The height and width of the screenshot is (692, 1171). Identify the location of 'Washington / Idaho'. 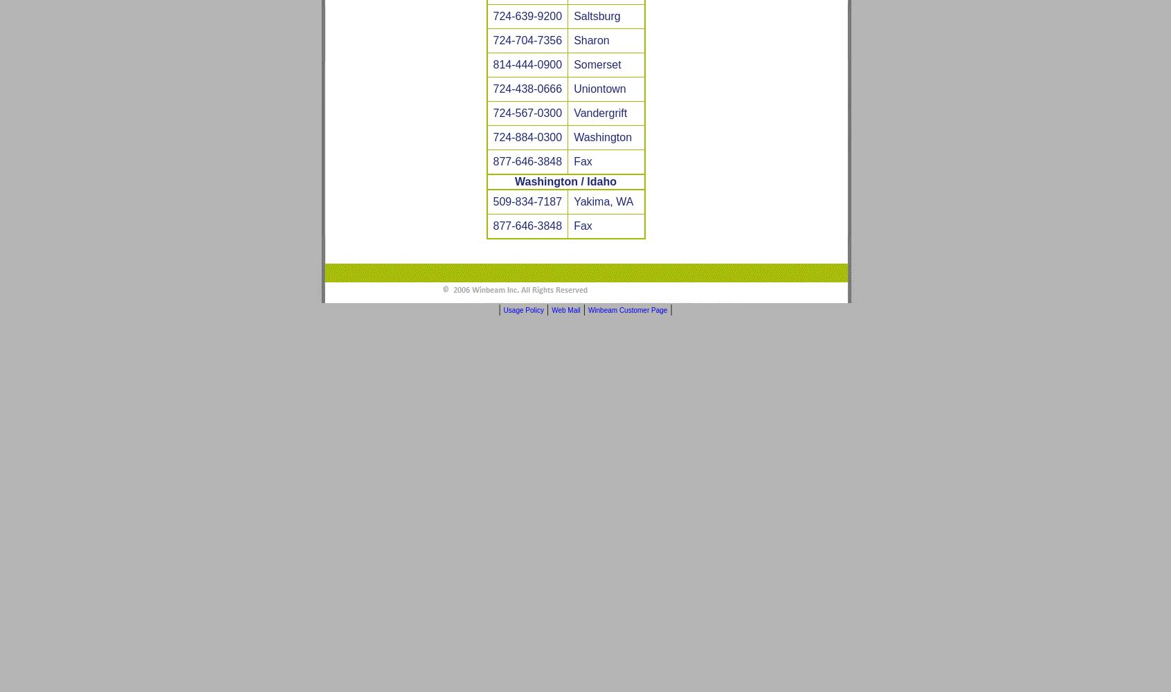
(565, 181).